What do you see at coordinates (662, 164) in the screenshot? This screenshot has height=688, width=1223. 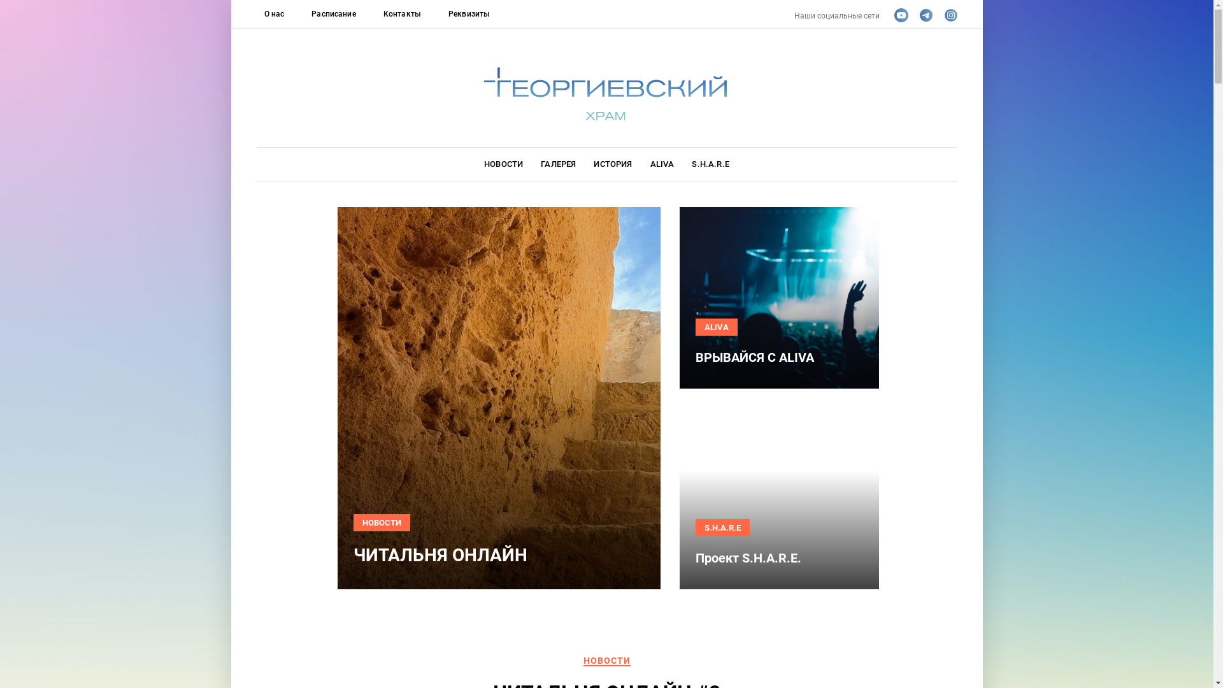 I see `'ALIVA'` at bounding box center [662, 164].